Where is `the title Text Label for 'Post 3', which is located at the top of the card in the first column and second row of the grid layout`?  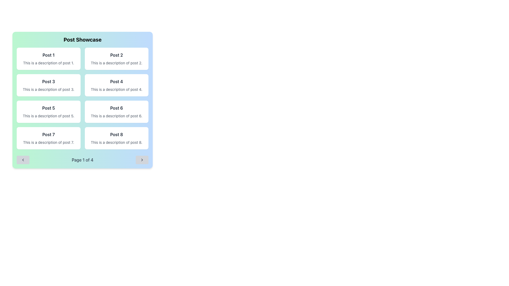
the title Text Label for 'Post 3', which is located at the top of the card in the first column and second row of the grid layout is located at coordinates (49, 82).